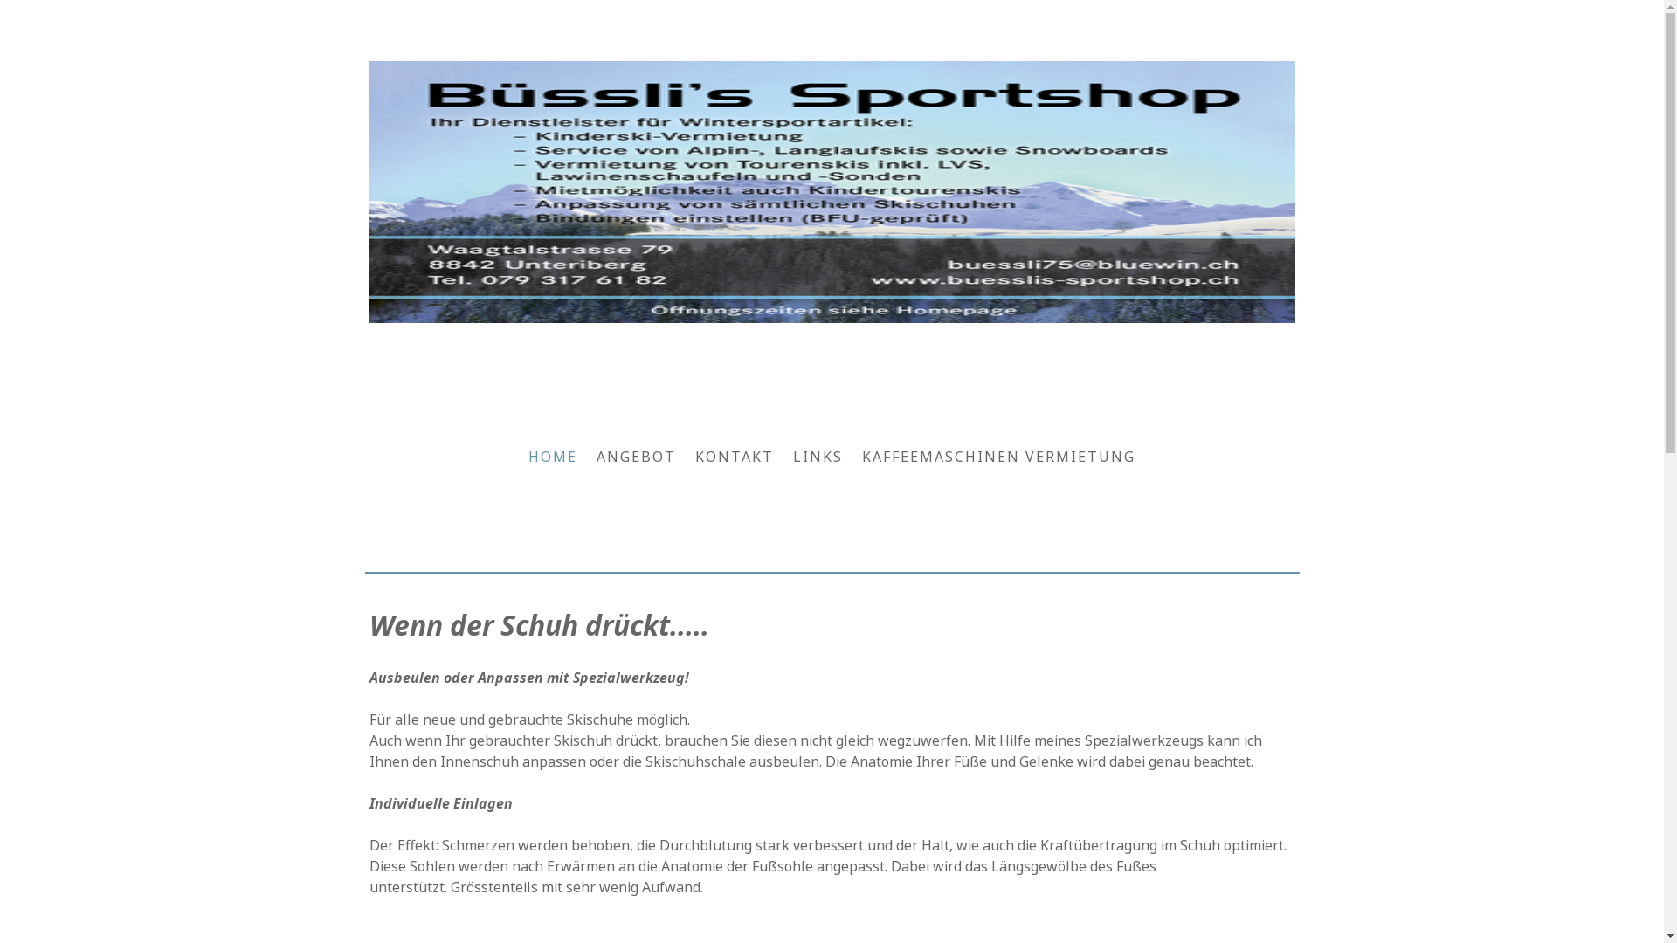 Image resolution: width=1677 pixels, height=943 pixels. Describe the element at coordinates (587, 456) in the screenshot. I see `'ANGEBOT'` at that location.